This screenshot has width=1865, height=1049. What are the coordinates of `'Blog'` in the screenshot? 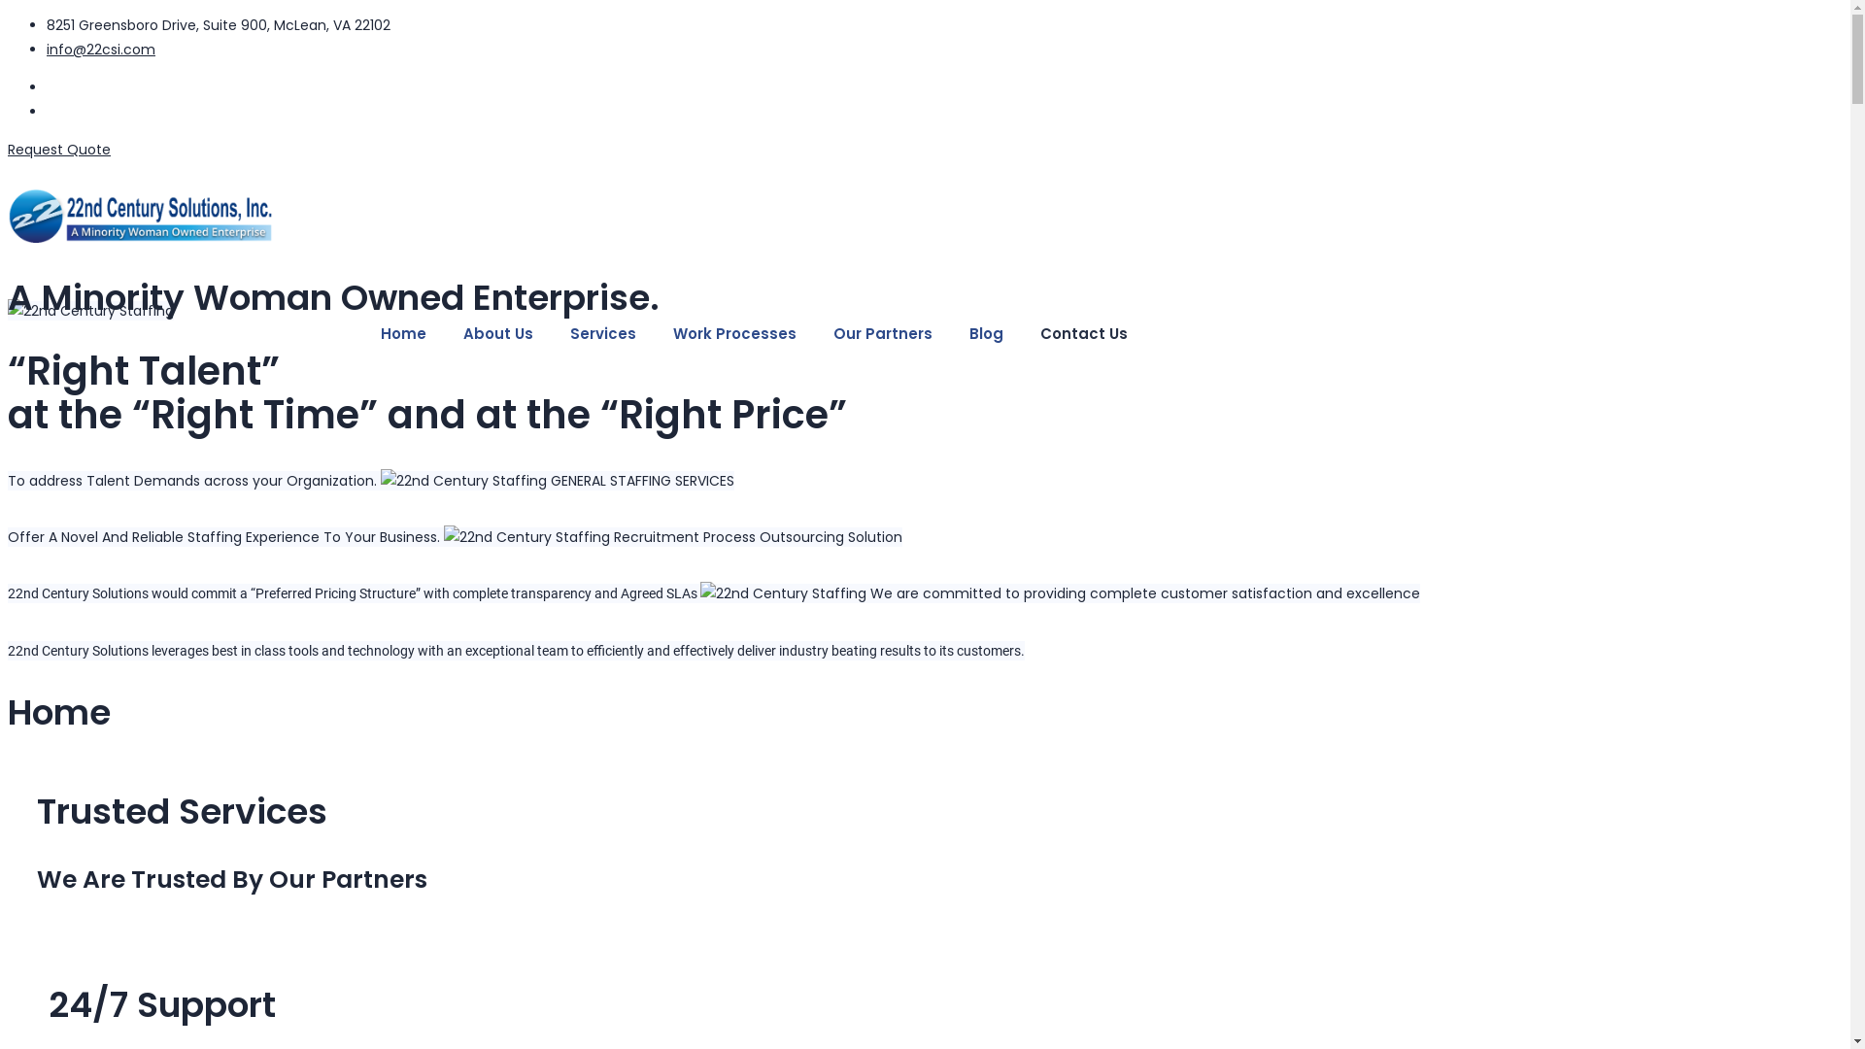 It's located at (986, 332).